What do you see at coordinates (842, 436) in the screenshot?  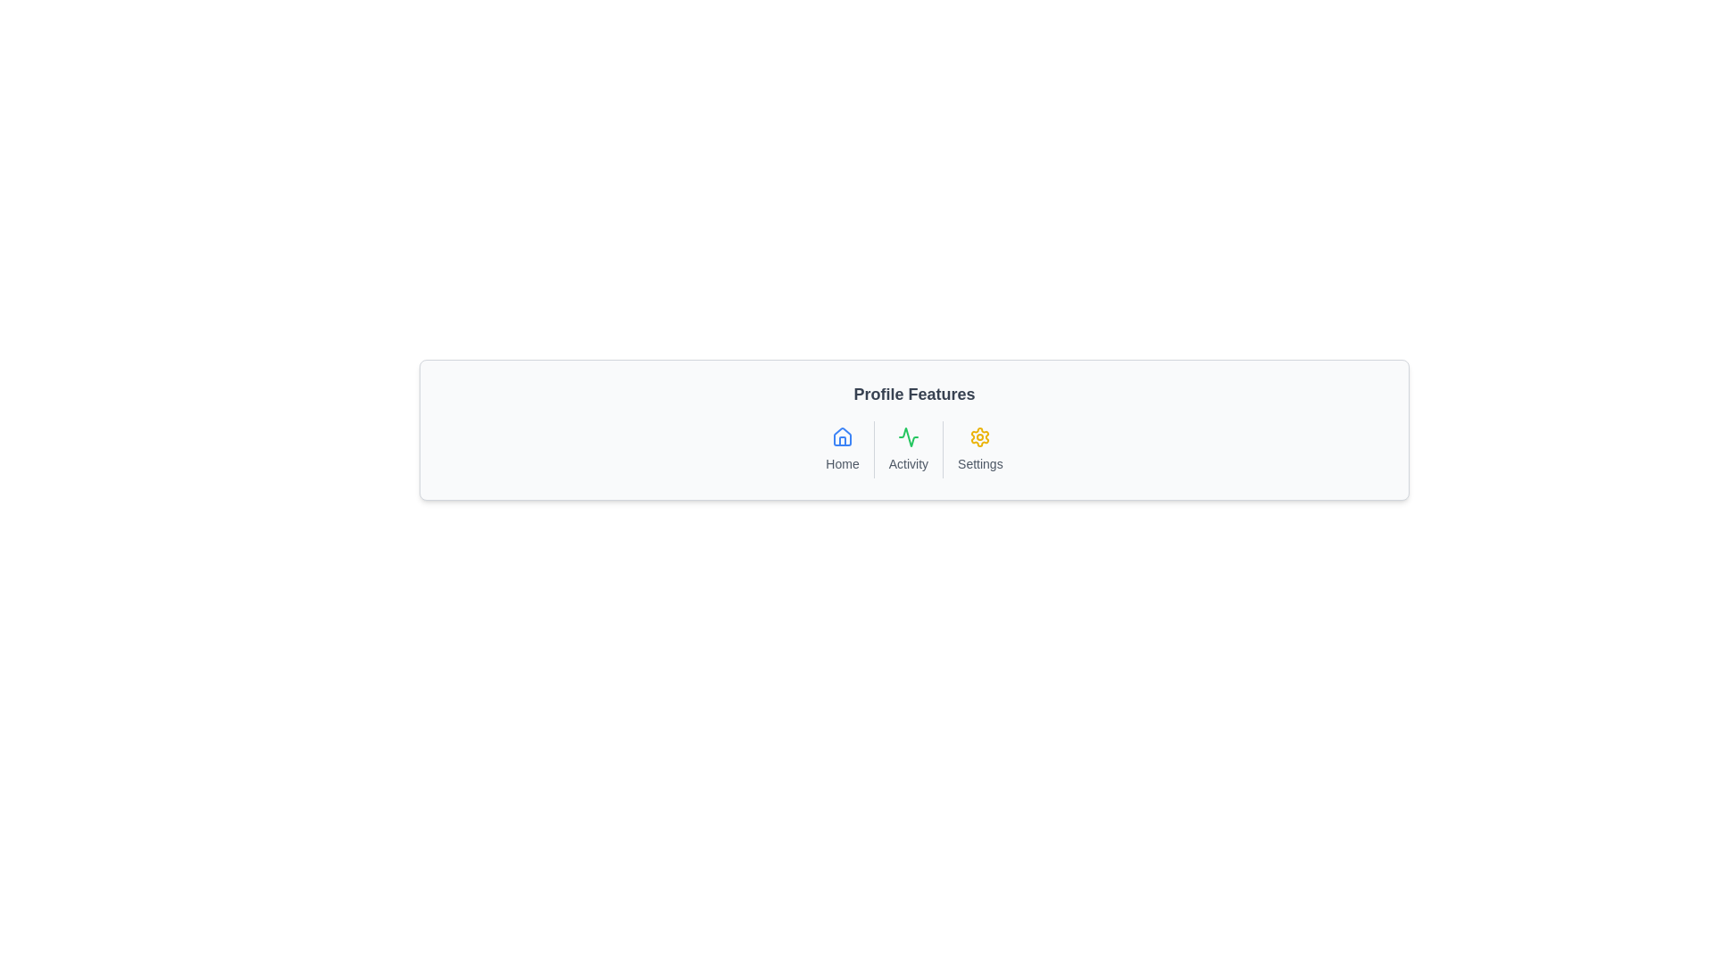 I see `the 'Home' icon, which is a graphical depiction of a house with a pointed roof and rectangular base, located in the 'Profile Features' section` at bounding box center [842, 436].